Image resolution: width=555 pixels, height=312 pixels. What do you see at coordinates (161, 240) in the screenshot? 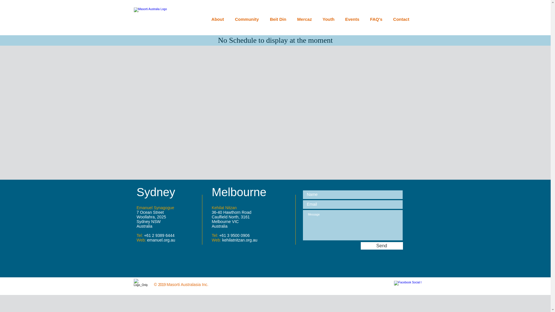
I see `'emanuel.org.au'` at bounding box center [161, 240].